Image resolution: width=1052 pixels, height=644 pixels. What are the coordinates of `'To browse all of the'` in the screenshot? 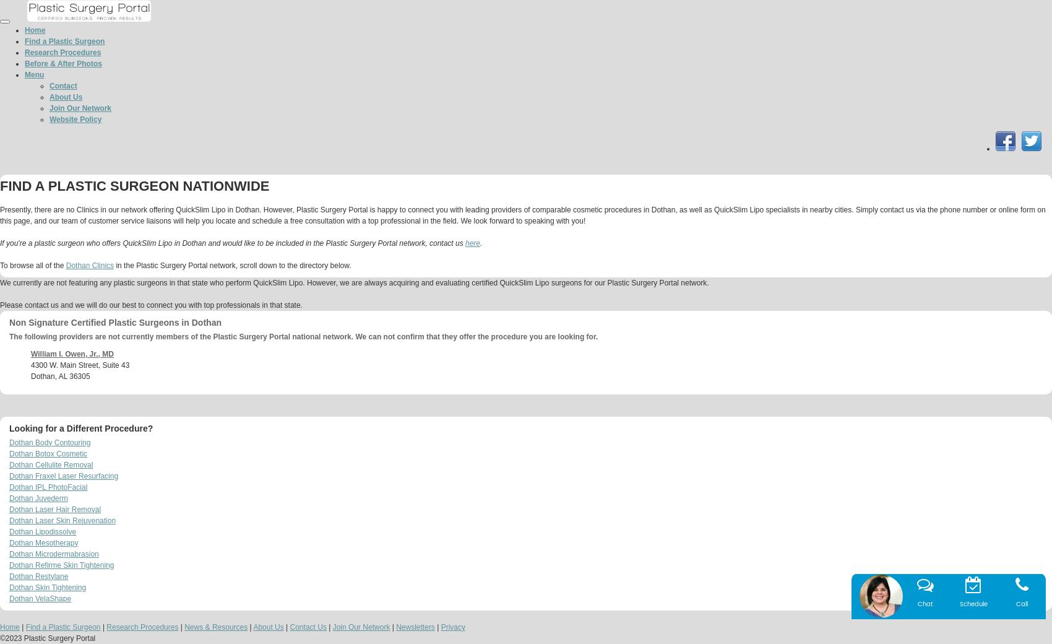 It's located at (33, 264).